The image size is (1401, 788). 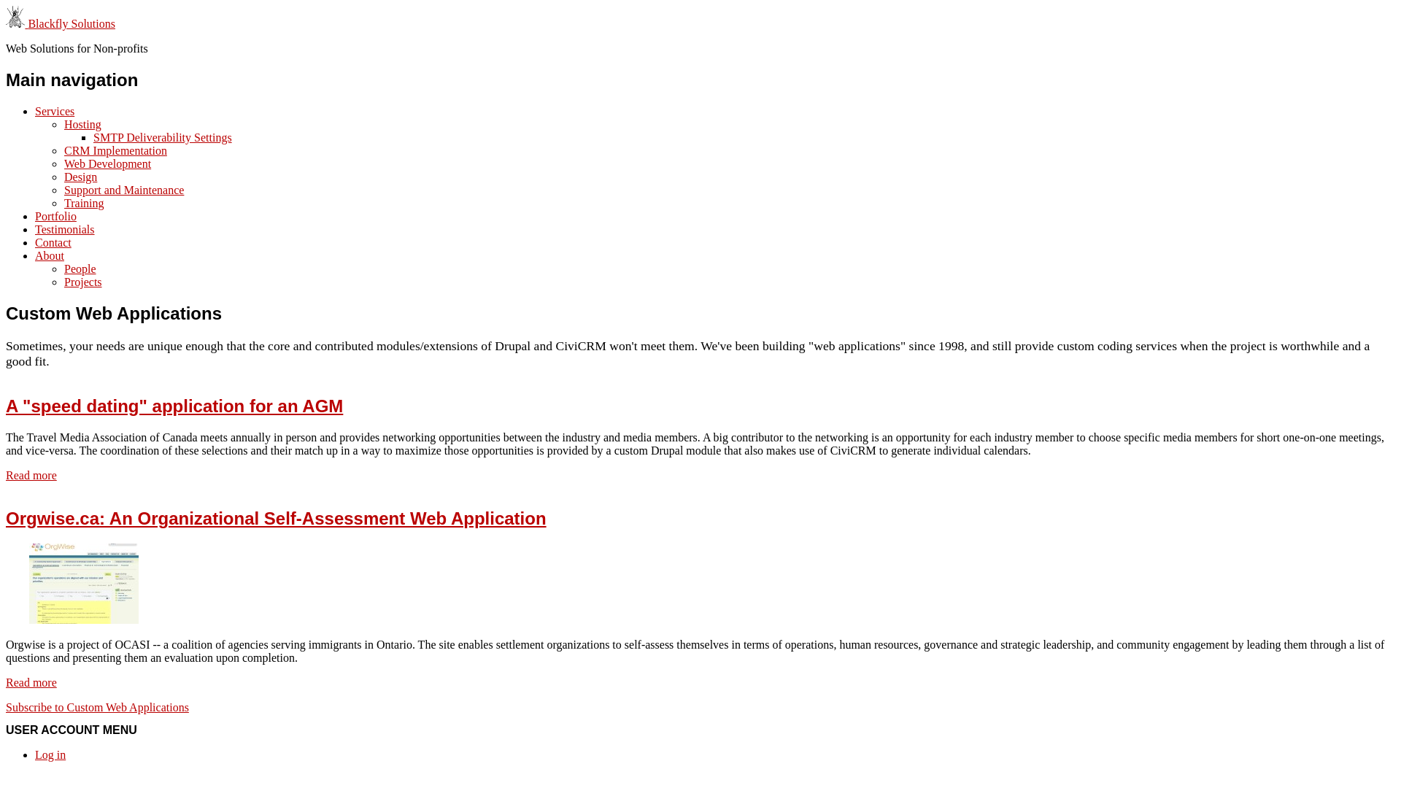 I want to click on 'Training', so click(x=83, y=203).